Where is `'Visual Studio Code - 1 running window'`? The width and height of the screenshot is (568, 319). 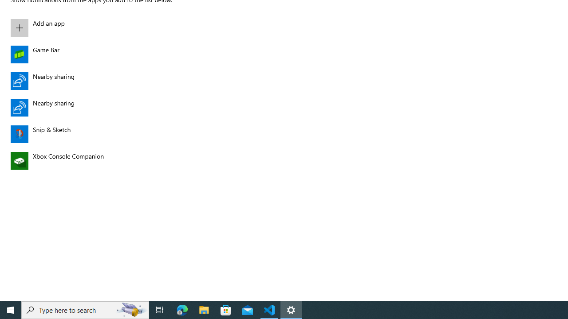
'Visual Studio Code - 1 running window' is located at coordinates (269, 309).